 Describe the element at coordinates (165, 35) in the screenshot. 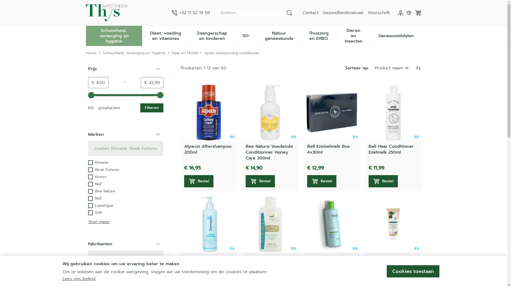

I see `'Dieet, voeding en vitamines'` at that location.